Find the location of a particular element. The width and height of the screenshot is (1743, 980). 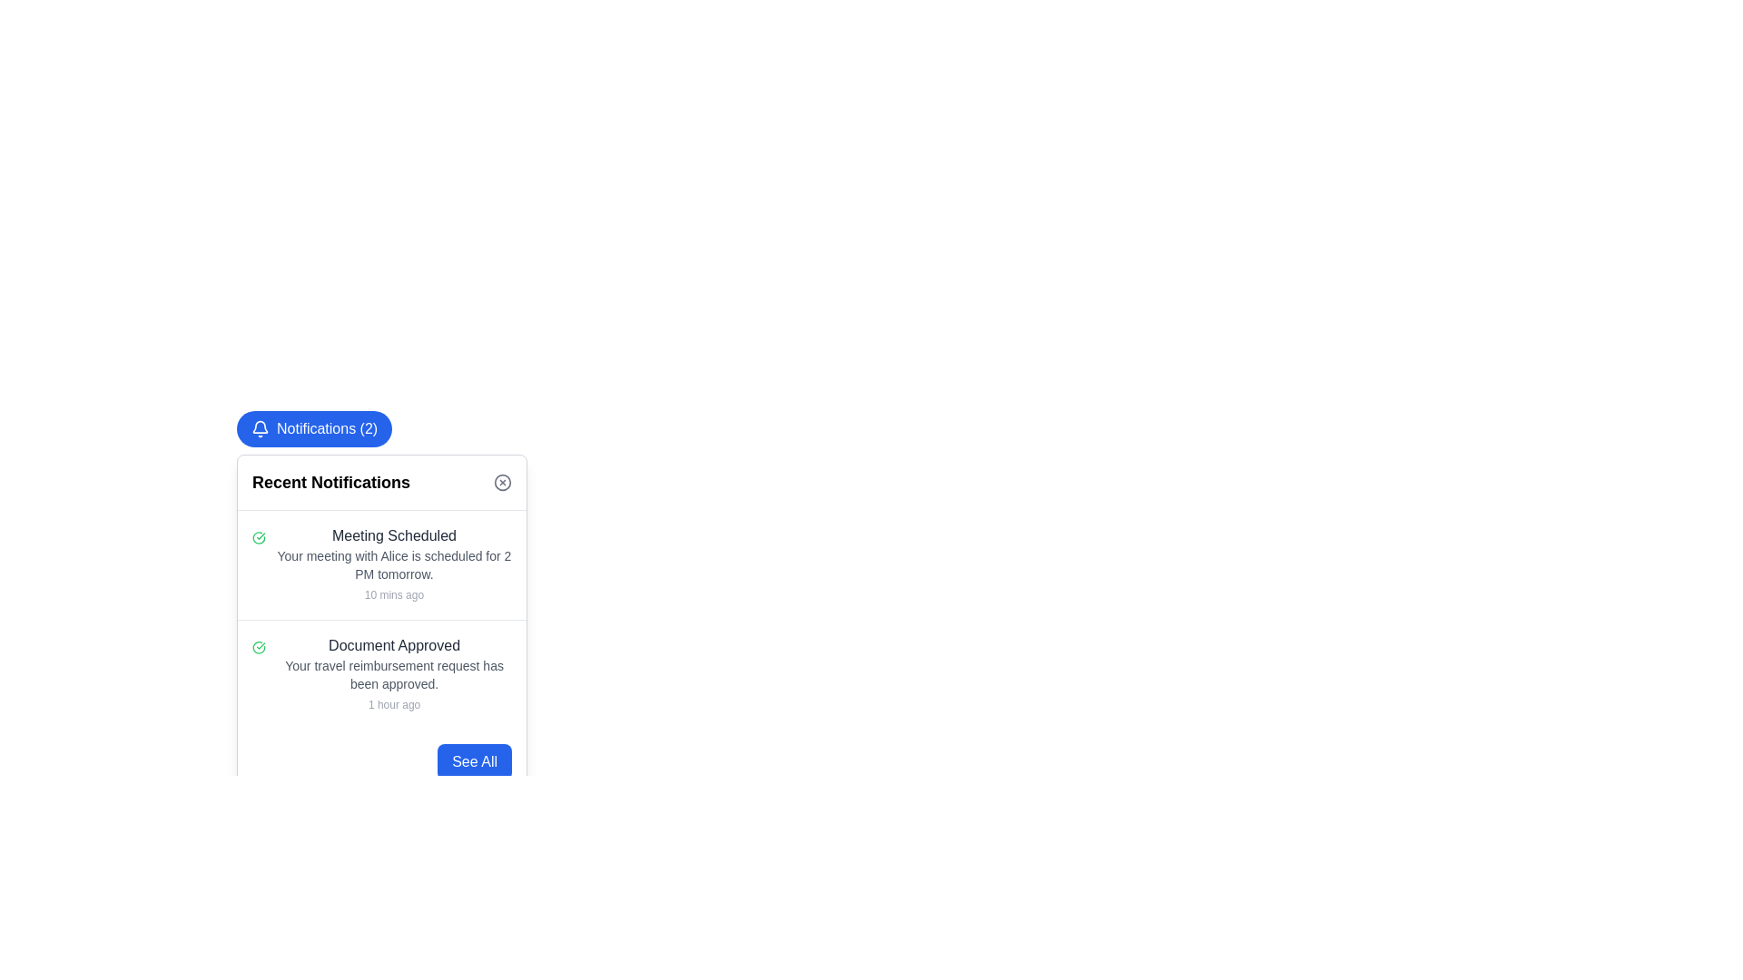

the 'Document Approved' notification entry is located at coordinates (393, 675).